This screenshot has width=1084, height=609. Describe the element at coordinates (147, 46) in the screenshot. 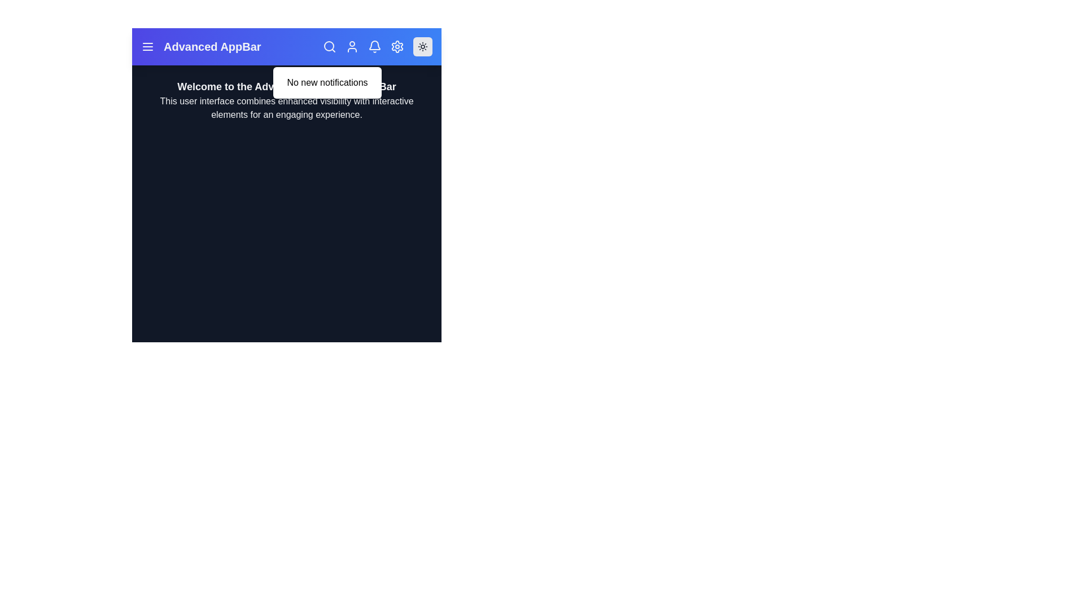

I see `the interactive element menu` at that location.